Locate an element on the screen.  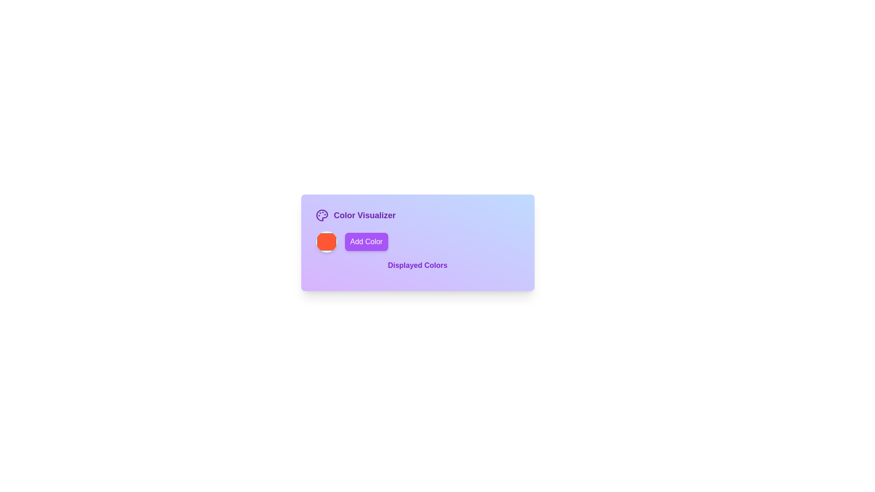
the text caption 'Color Visualizer' for copying, which is prominently styled in bold purple font at the top of the content area is located at coordinates (365, 215).